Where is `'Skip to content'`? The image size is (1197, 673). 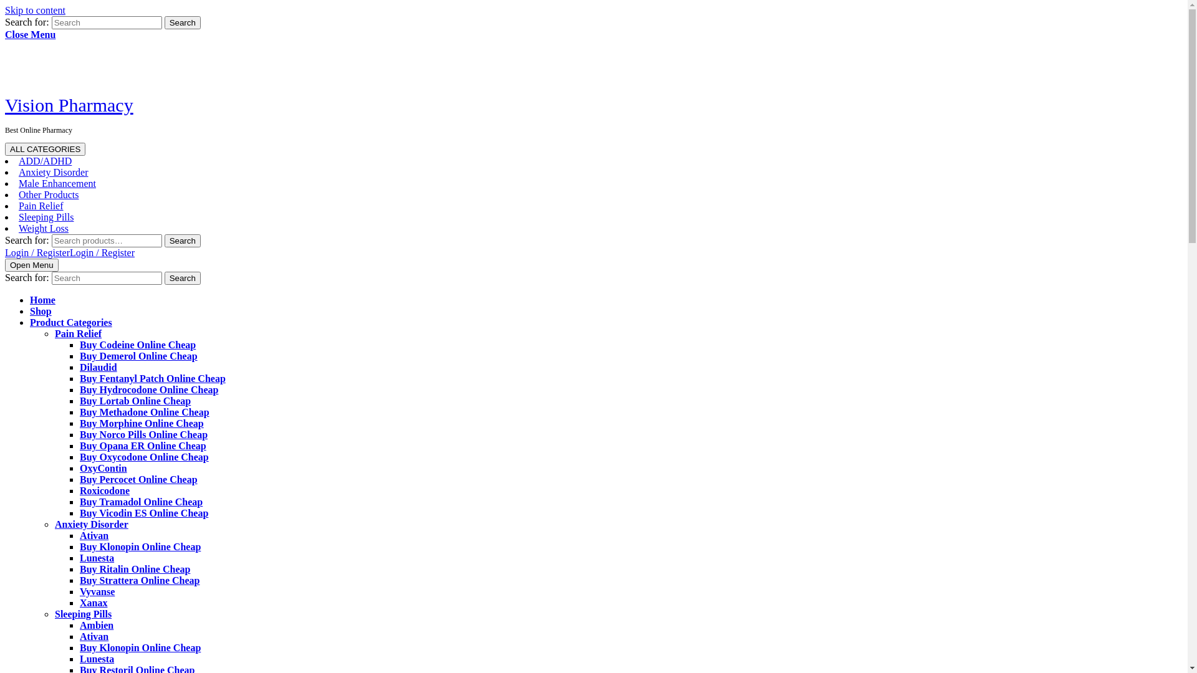 'Skip to content' is located at coordinates (35, 10).